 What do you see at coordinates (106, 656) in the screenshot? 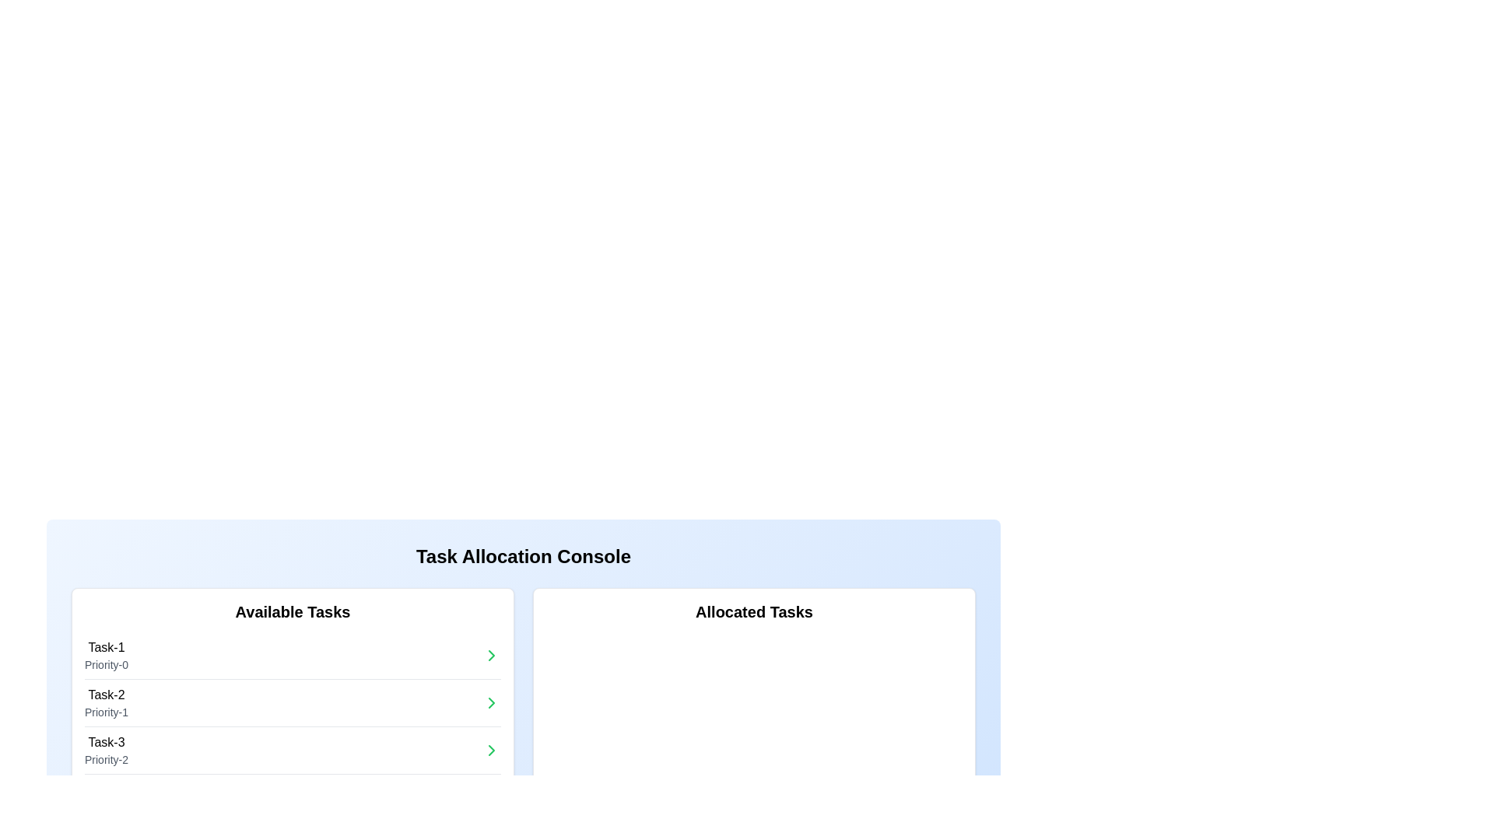
I see `the text label displaying 'Task-1' and 'Priority-0' located under the 'Available Tasks' section` at bounding box center [106, 656].